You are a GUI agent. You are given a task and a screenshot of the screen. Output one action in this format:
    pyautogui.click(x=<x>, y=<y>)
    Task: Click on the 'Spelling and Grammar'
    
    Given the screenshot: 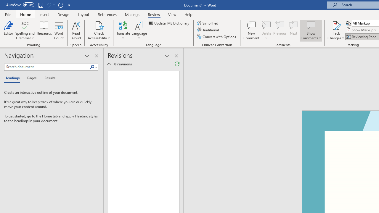 What is the action you would take?
    pyautogui.click(x=25, y=30)
    